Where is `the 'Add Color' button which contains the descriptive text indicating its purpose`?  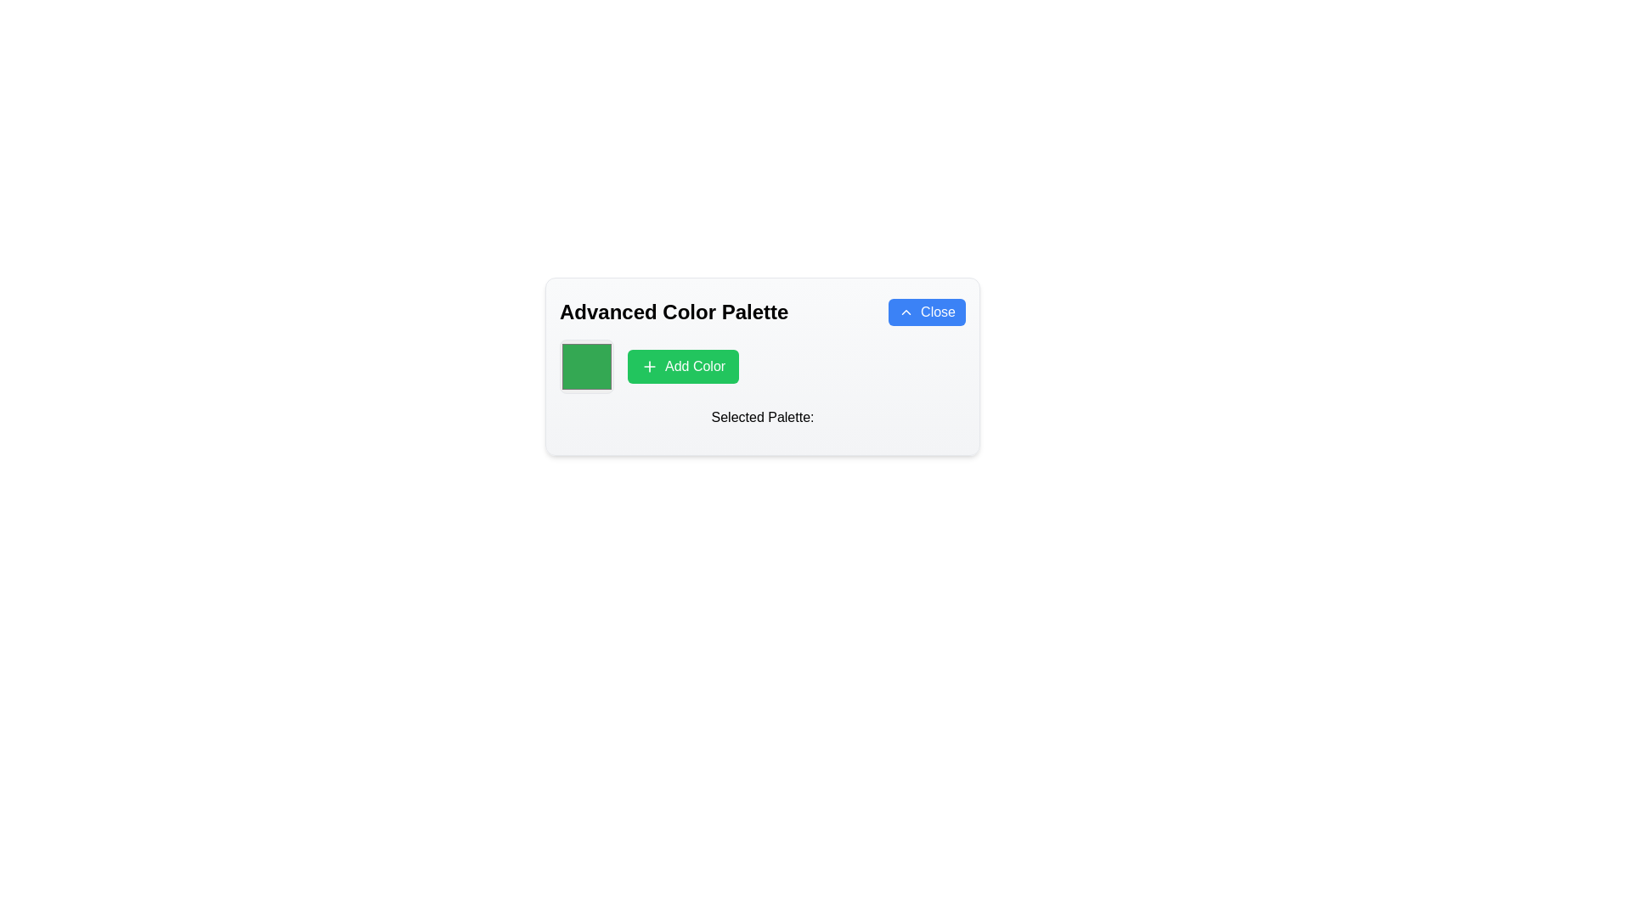 the 'Add Color' button which contains the descriptive text indicating its purpose is located at coordinates (695, 366).